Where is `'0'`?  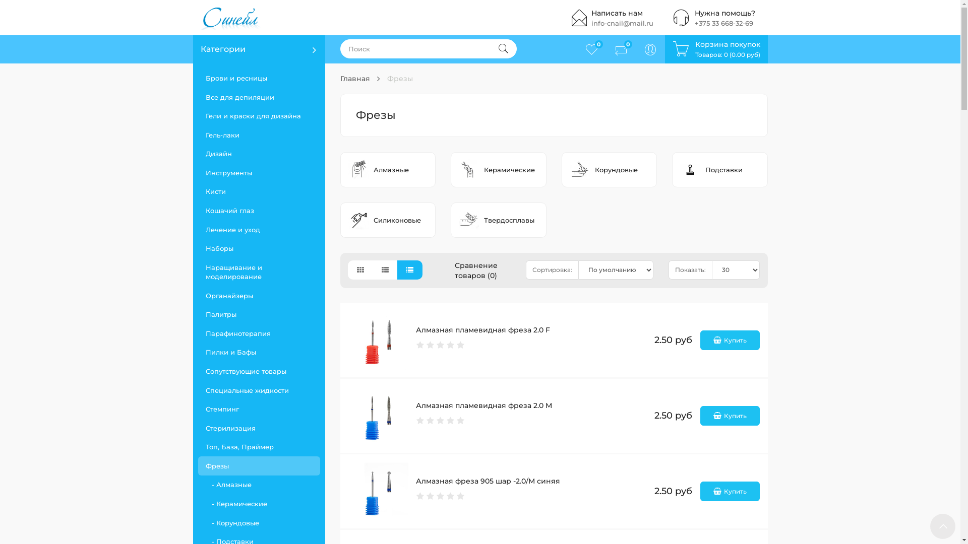 '0' is located at coordinates (576, 49).